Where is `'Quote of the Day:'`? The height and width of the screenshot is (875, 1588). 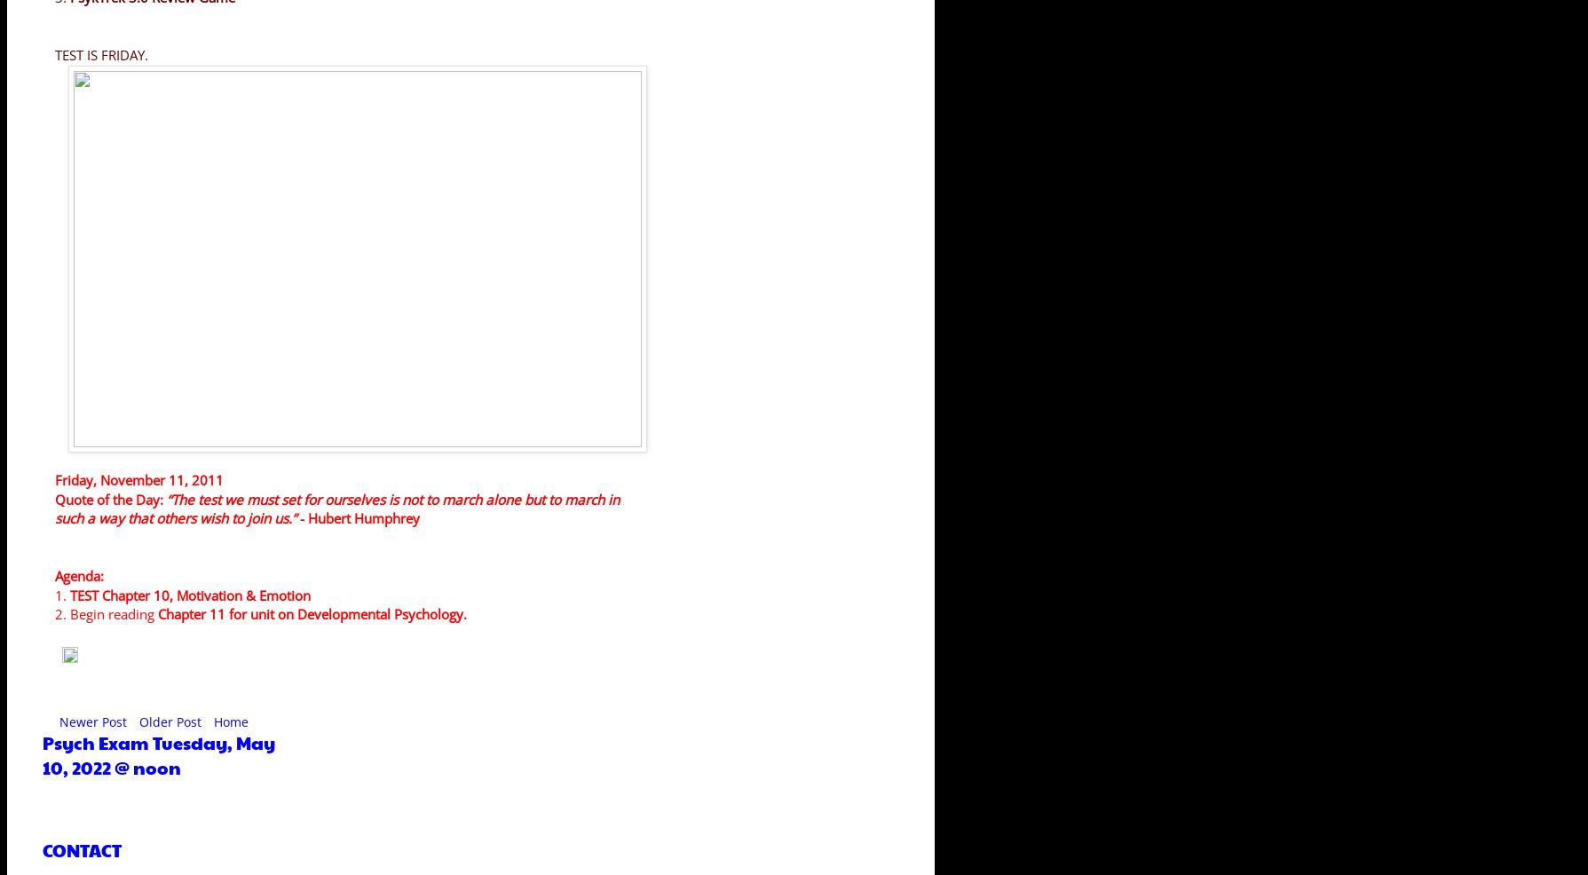
'Quote of the Day:' is located at coordinates (111, 498).